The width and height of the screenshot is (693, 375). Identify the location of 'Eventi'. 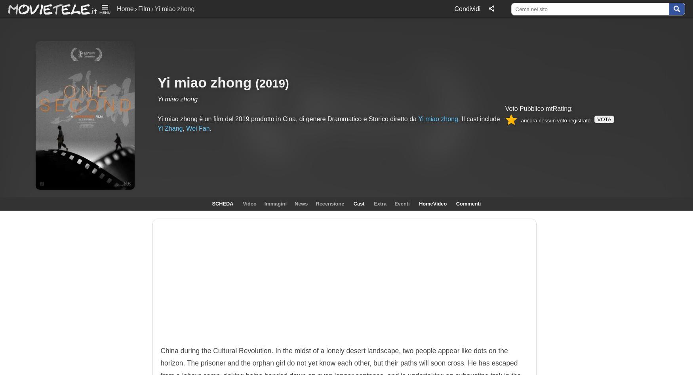
(401, 203).